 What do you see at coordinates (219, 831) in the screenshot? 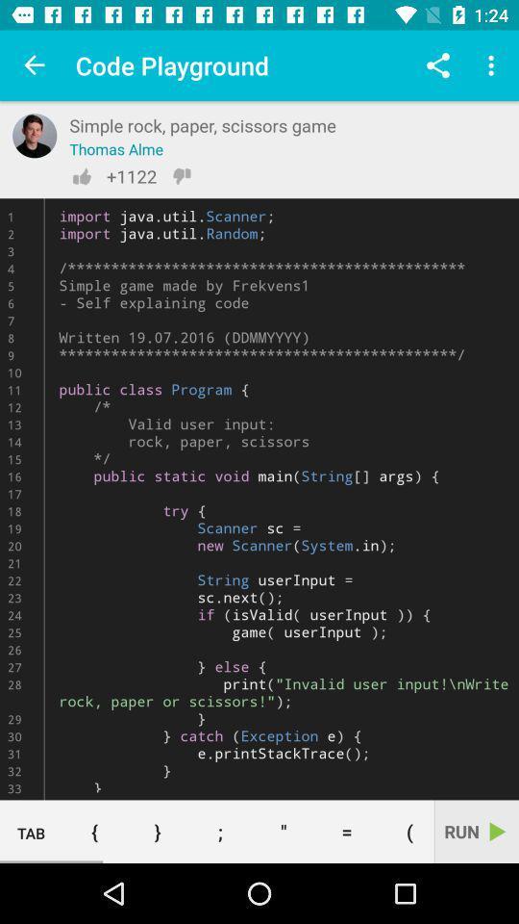
I see `the icon next to the } item` at bounding box center [219, 831].